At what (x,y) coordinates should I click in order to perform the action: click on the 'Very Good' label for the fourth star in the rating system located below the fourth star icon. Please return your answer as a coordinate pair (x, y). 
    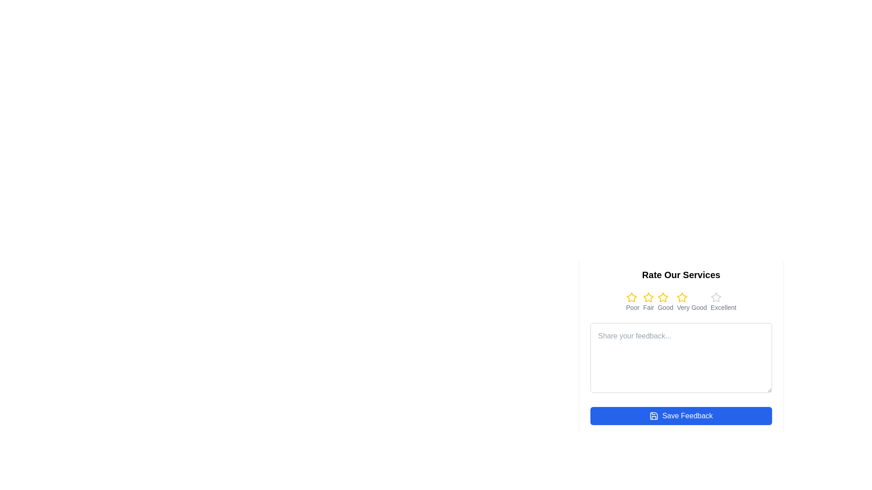
    Looking at the image, I should click on (691, 307).